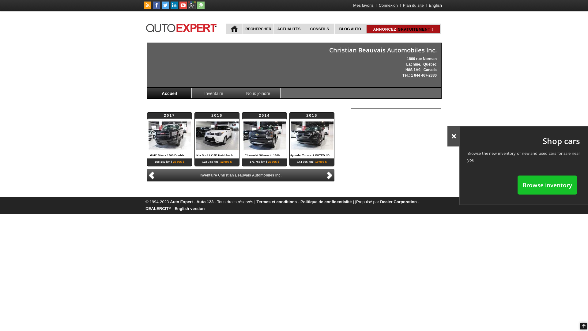 The height and width of the screenshot is (331, 588). What do you see at coordinates (276, 202) in the screenshot?
I see `'Termes et conditions'` at bounding box center [276, 202].